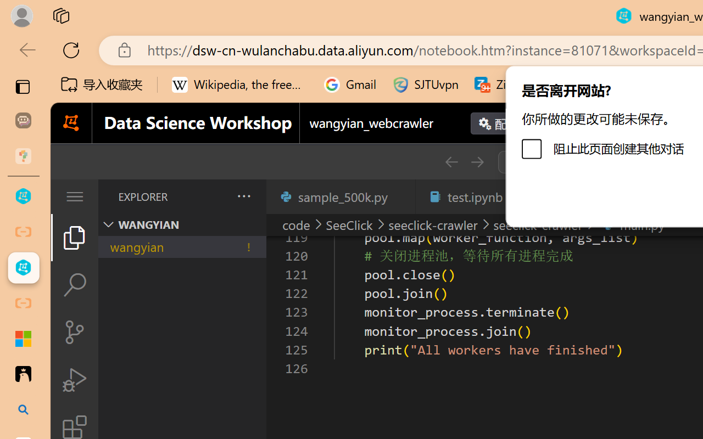 This screenshot has height=439, width=703. What do you see at coordinates (74, 380) in the screenshot?
I see `'Run and Debug (Ctrl+Shift+D)'` at bounding box center [74, 380].